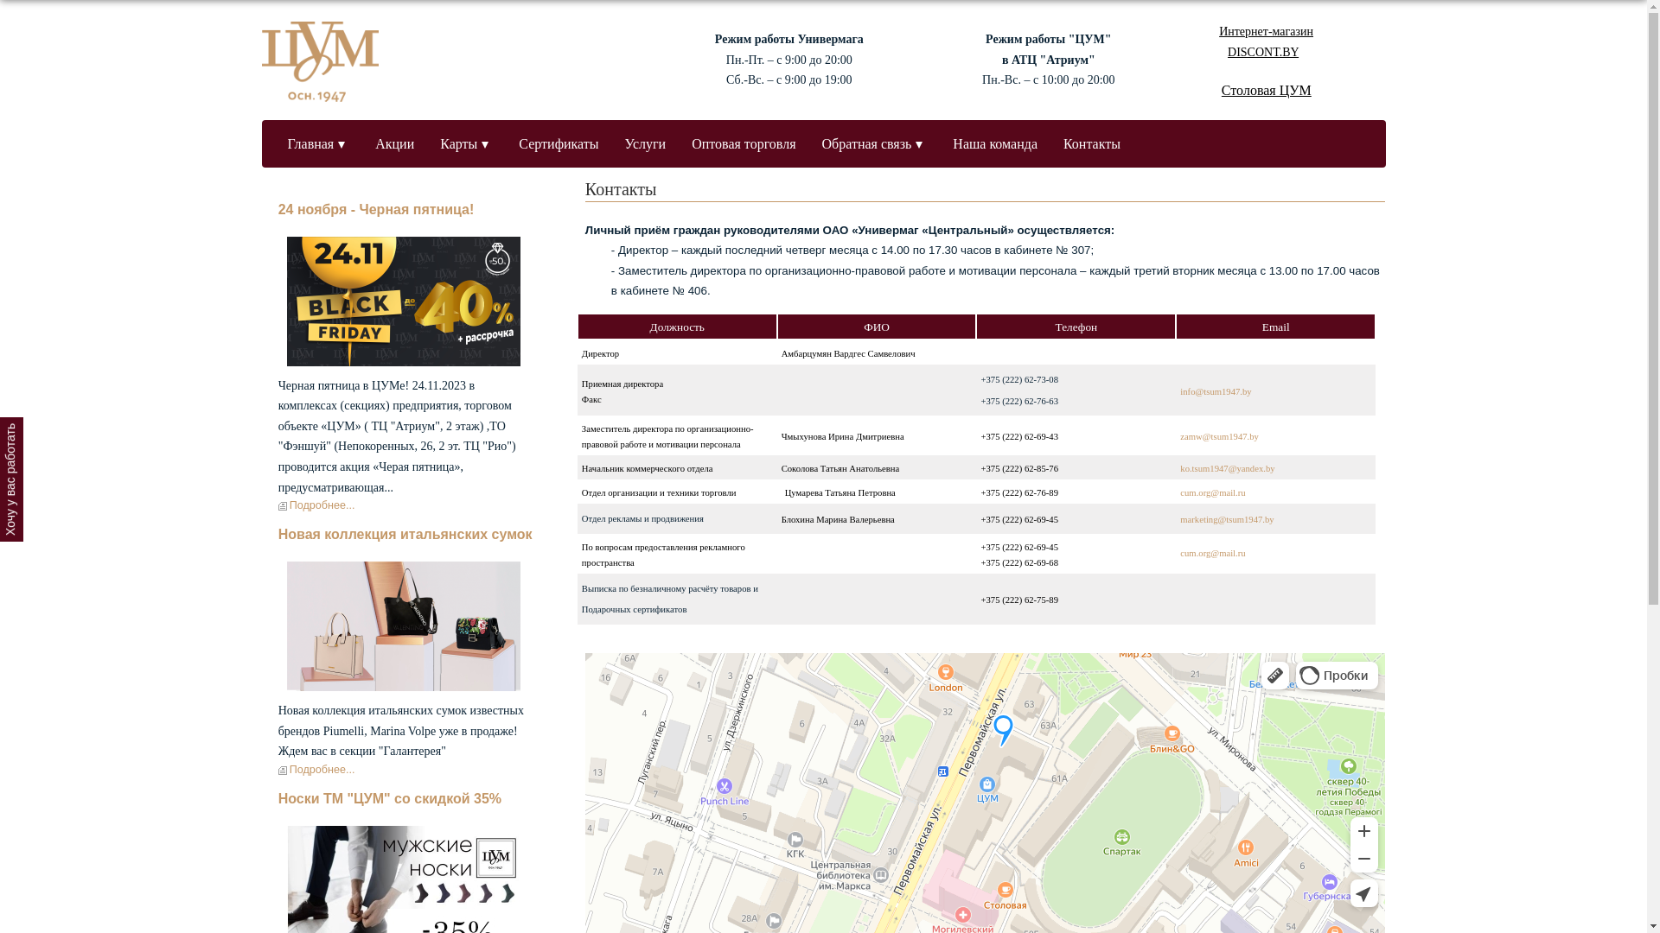 Image resolution: width=1660 pixels, height=933 pixels. What do you see at coordinates (1226, 523) in the screenshot?
I see `'marketing@tsum1947.by'` at bounding box center [1226, 523].